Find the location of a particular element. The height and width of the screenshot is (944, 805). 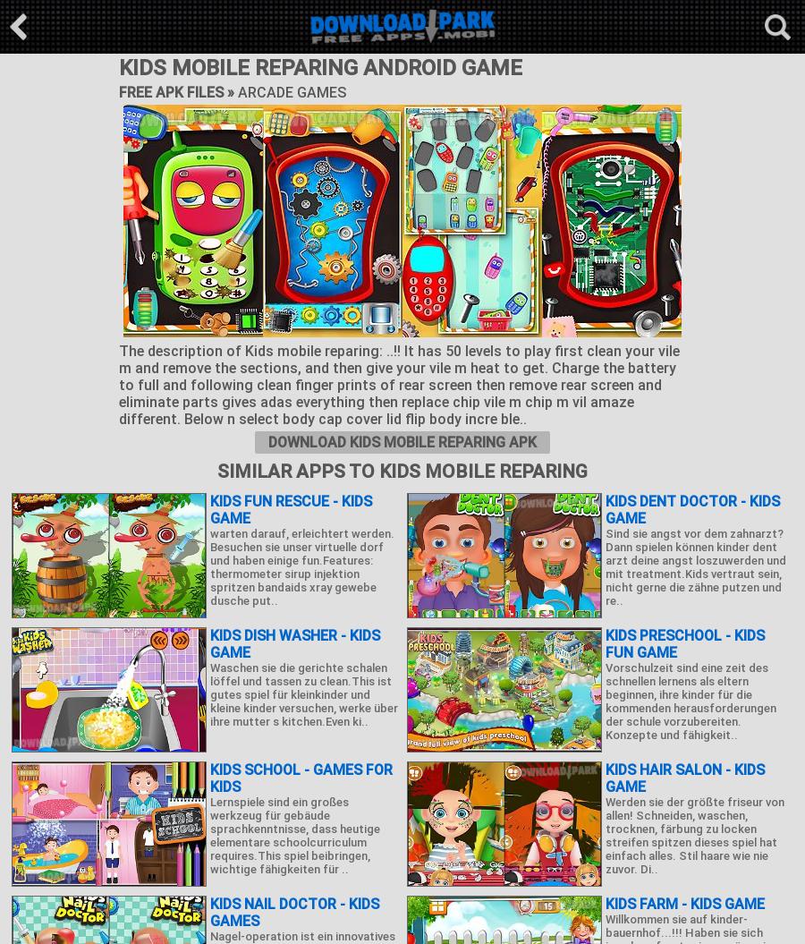

'Vorschulzeit sind eine zeit des schnellen lernens als eltern beginnen, ihre kinder für die kommenden herausforderungen der schule vorzubereiten. Konzepte und fähigkeit..' is located at coordinates (690, 700).